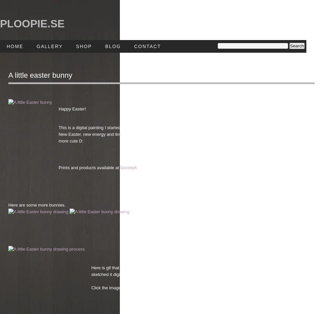 The image size is (323, 314). What do you see at coordinates (84, 46) in the screenshot?
I see `'Shop'` at bounding box center [84, 46].